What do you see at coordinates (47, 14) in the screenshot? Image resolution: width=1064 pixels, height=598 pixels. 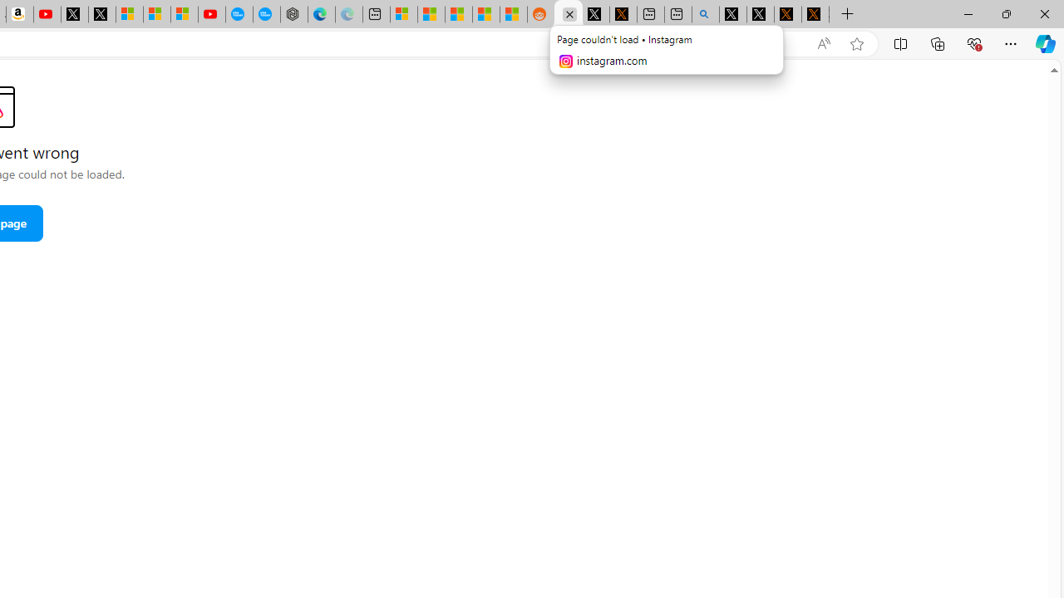 I see `'Day 1: Arriving in Yemen (surreal to be here) - YouTube'` at bounding box center [47, 14].